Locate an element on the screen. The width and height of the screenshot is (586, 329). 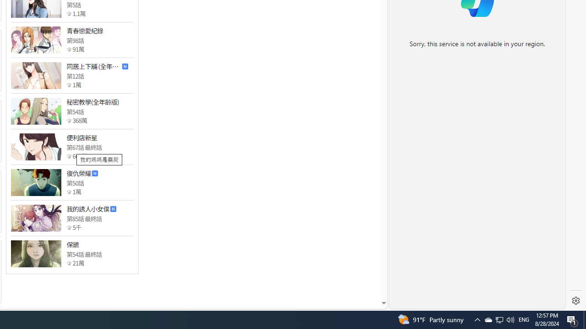
'Class: thumb_img' is located at coordinates (36, 254).